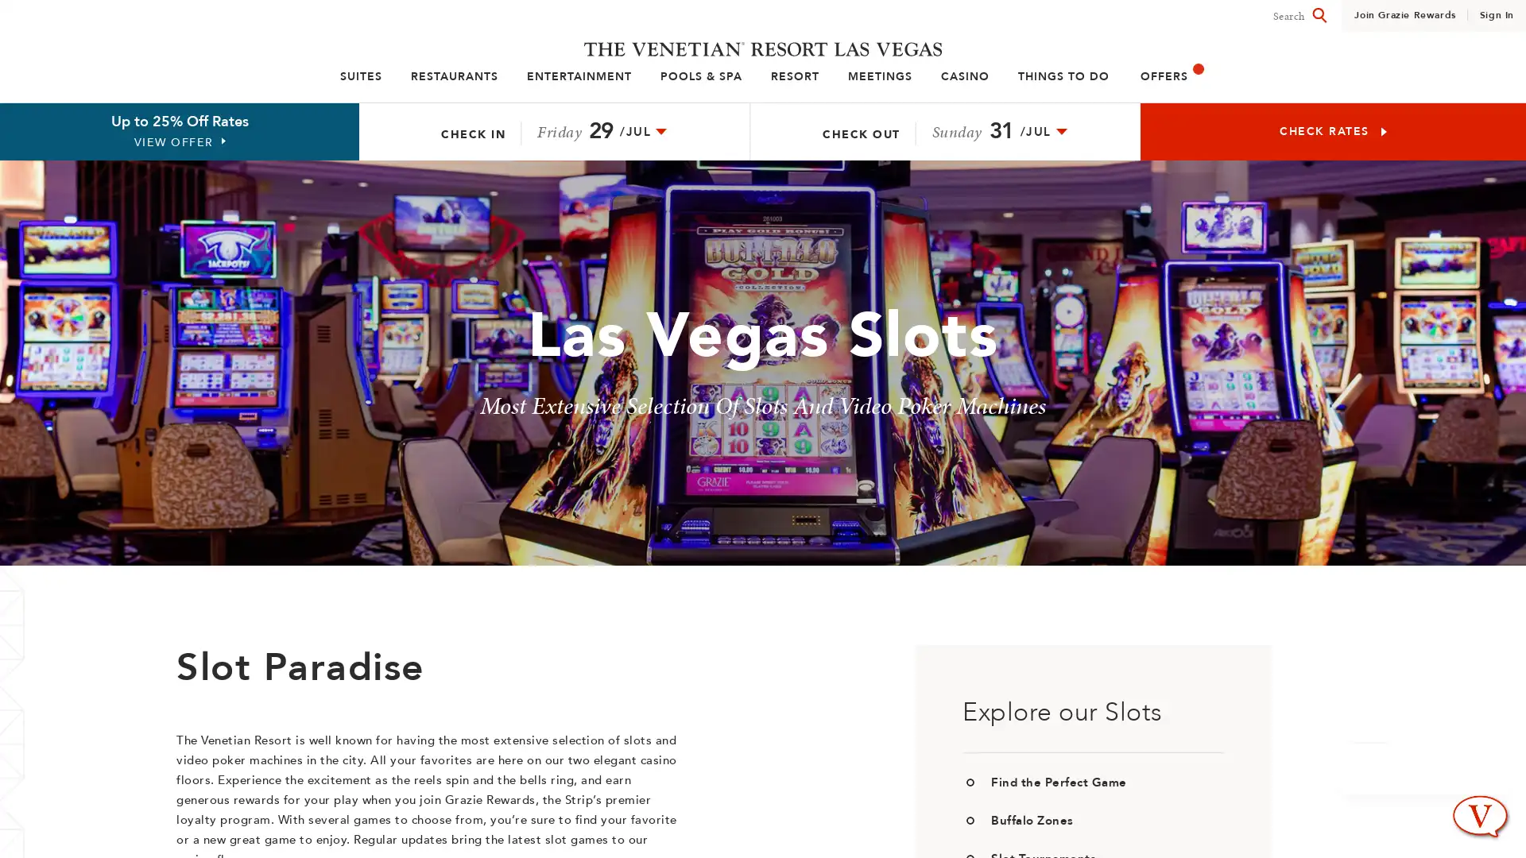 The height and width of the screenshot is (858, 1526). I want to click on check-in date, so click(660, 130).